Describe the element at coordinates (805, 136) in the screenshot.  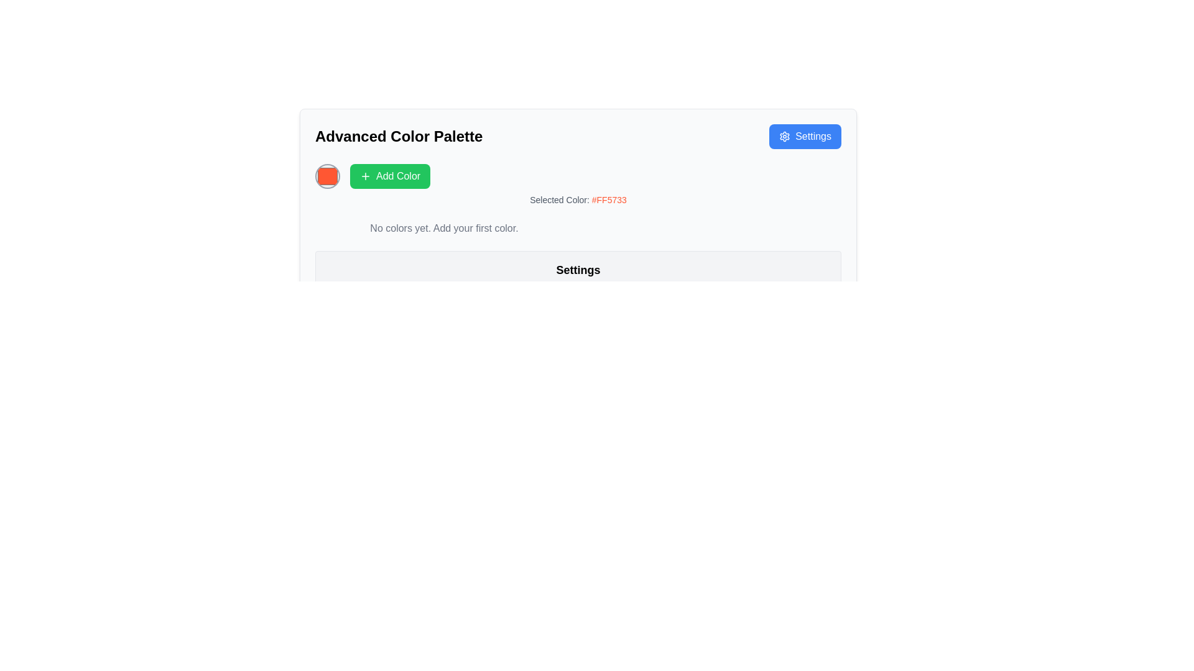
I see `the button located at the far-right end of the header titled 'Advanced Color Palette'` at that location.